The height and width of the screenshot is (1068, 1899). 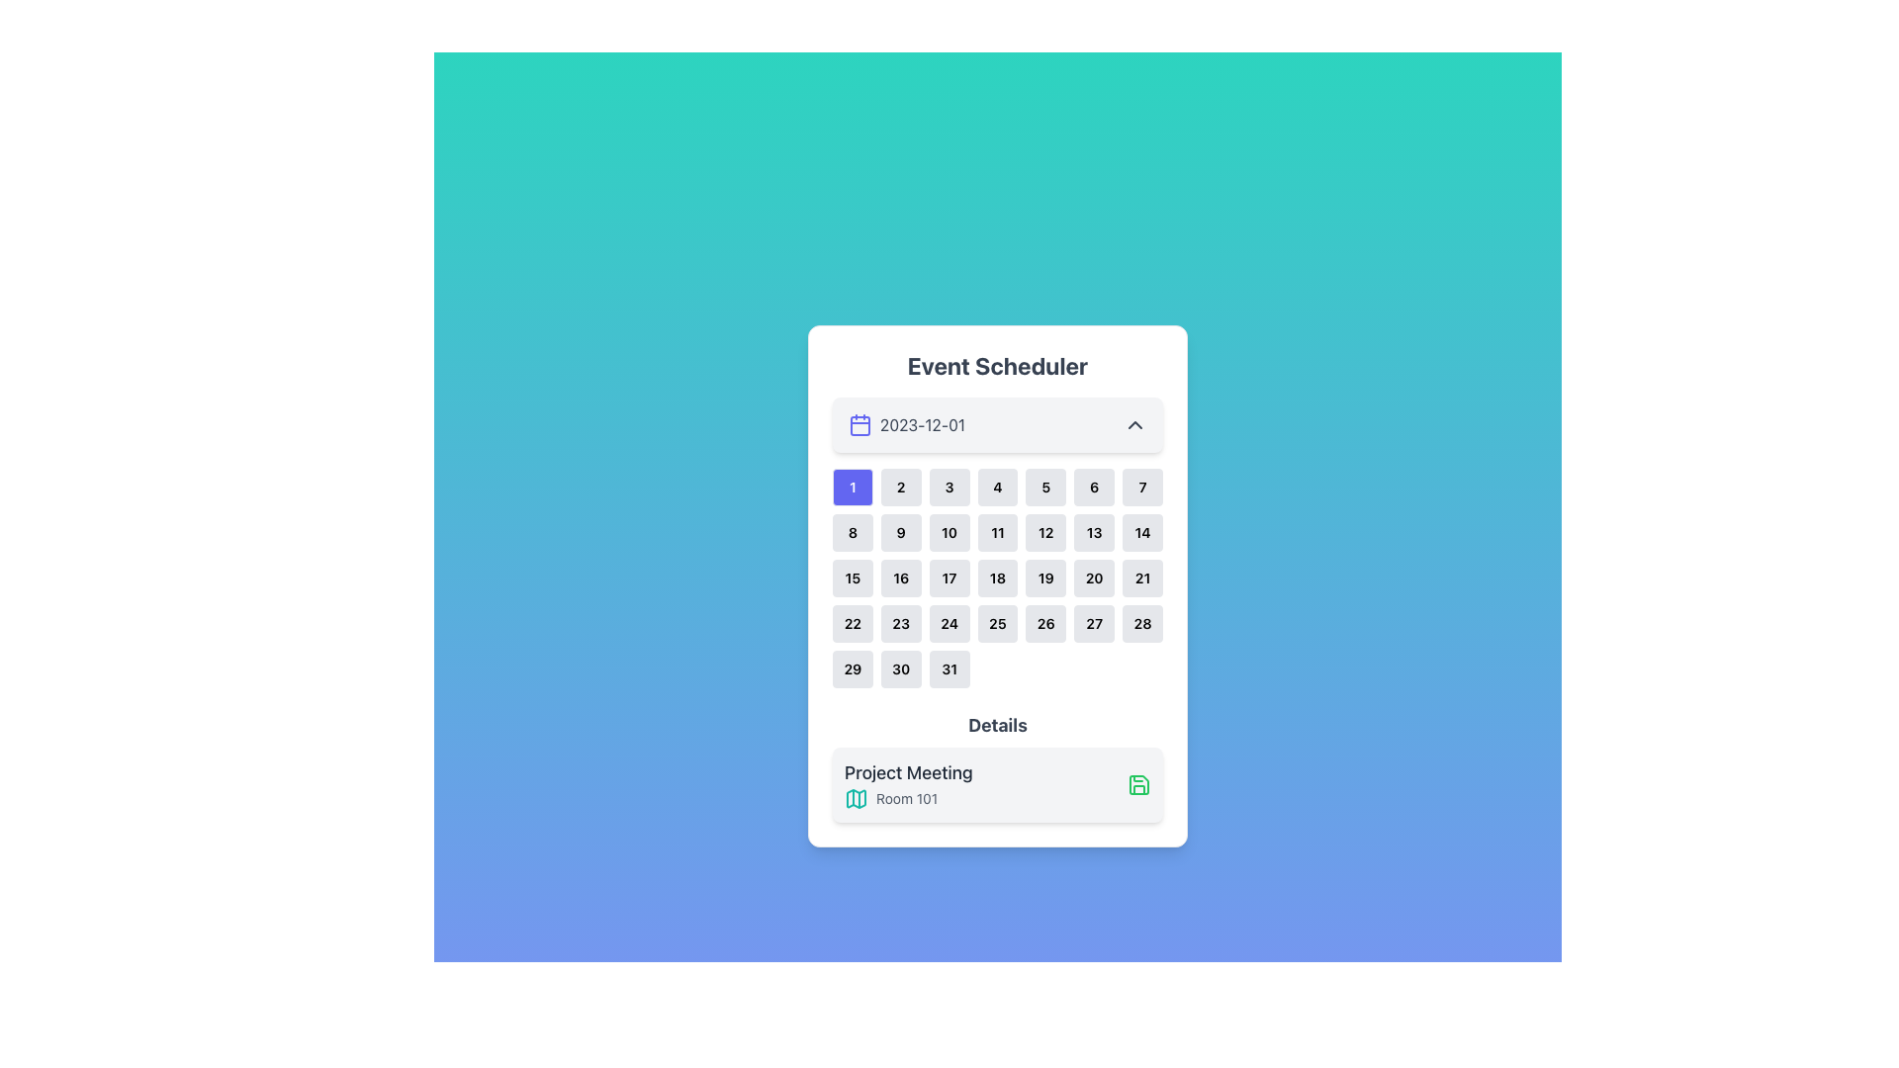 What do you see at coordinates (856, 797) in the screenshot?
I see `the map icon` at bounding box center [856, 797].